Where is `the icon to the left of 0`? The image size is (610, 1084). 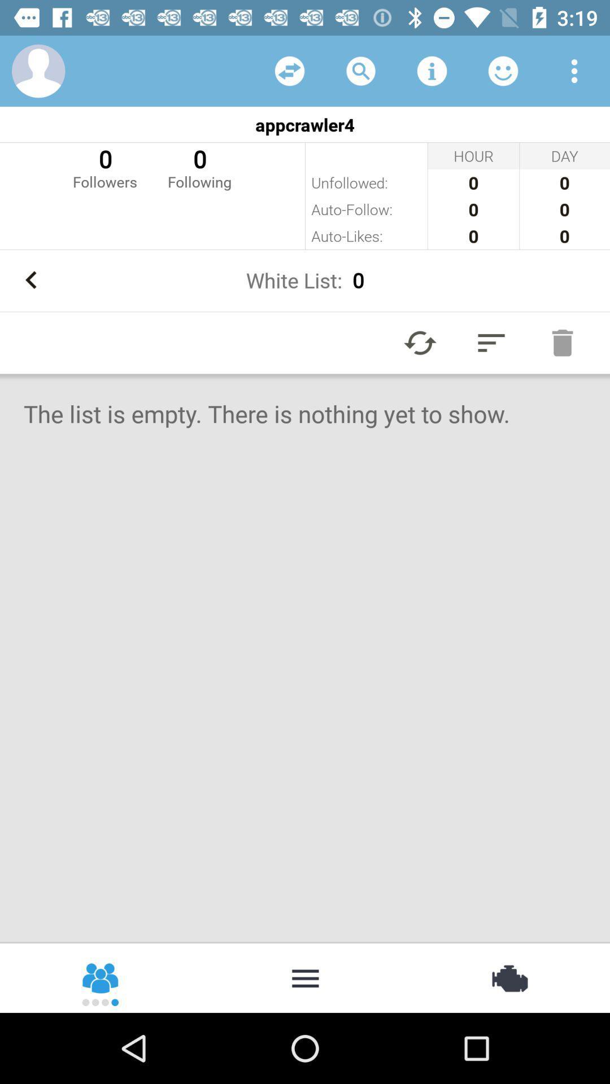 the icon to the left of 0 is located at coordinates (104, 167).